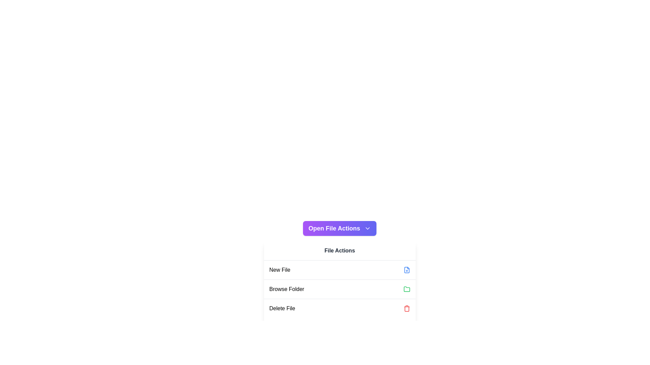  Describe the element at coordinates (280, 269) in the screenshot. I see `the informative label for creating a new file, which is the first entry under the 'File Actions' heading` at that location.